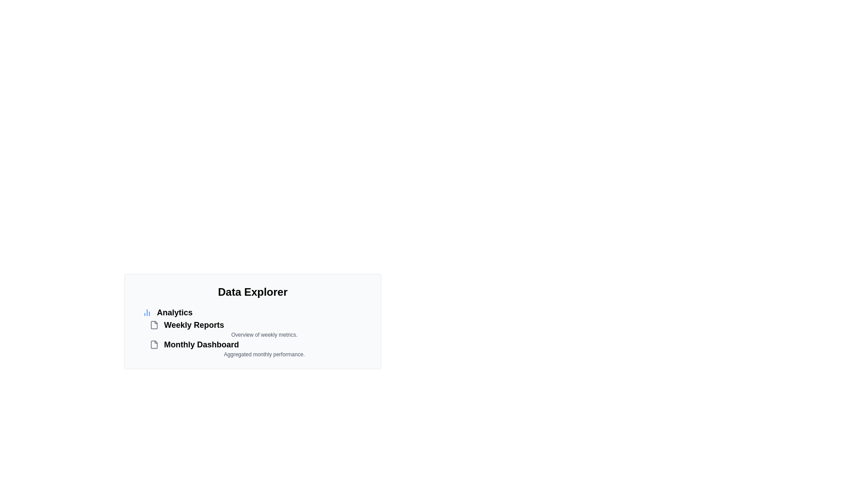 The image size is (856, 481). I want to click on the 'Analytics' text label, which is located in the 'Data Explorer' section and is associated with the blue chart icon, so click(175, 312).